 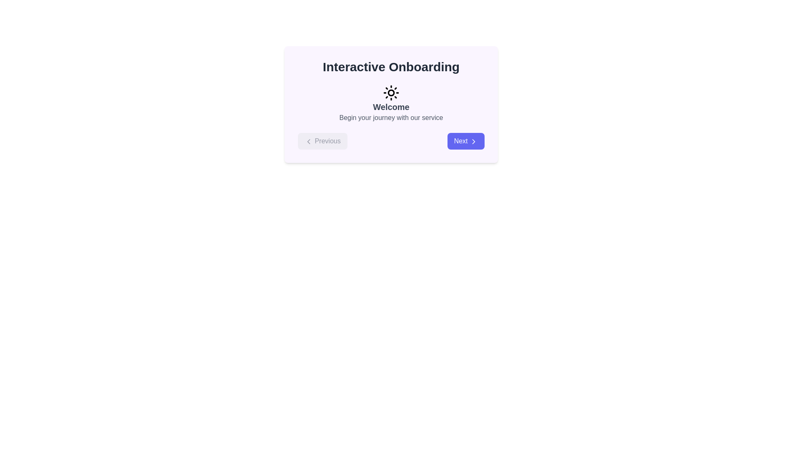 I want to click on the 'Next' button located at the bottom-right corner of the onboarding panel, so click(x=465, y=141).